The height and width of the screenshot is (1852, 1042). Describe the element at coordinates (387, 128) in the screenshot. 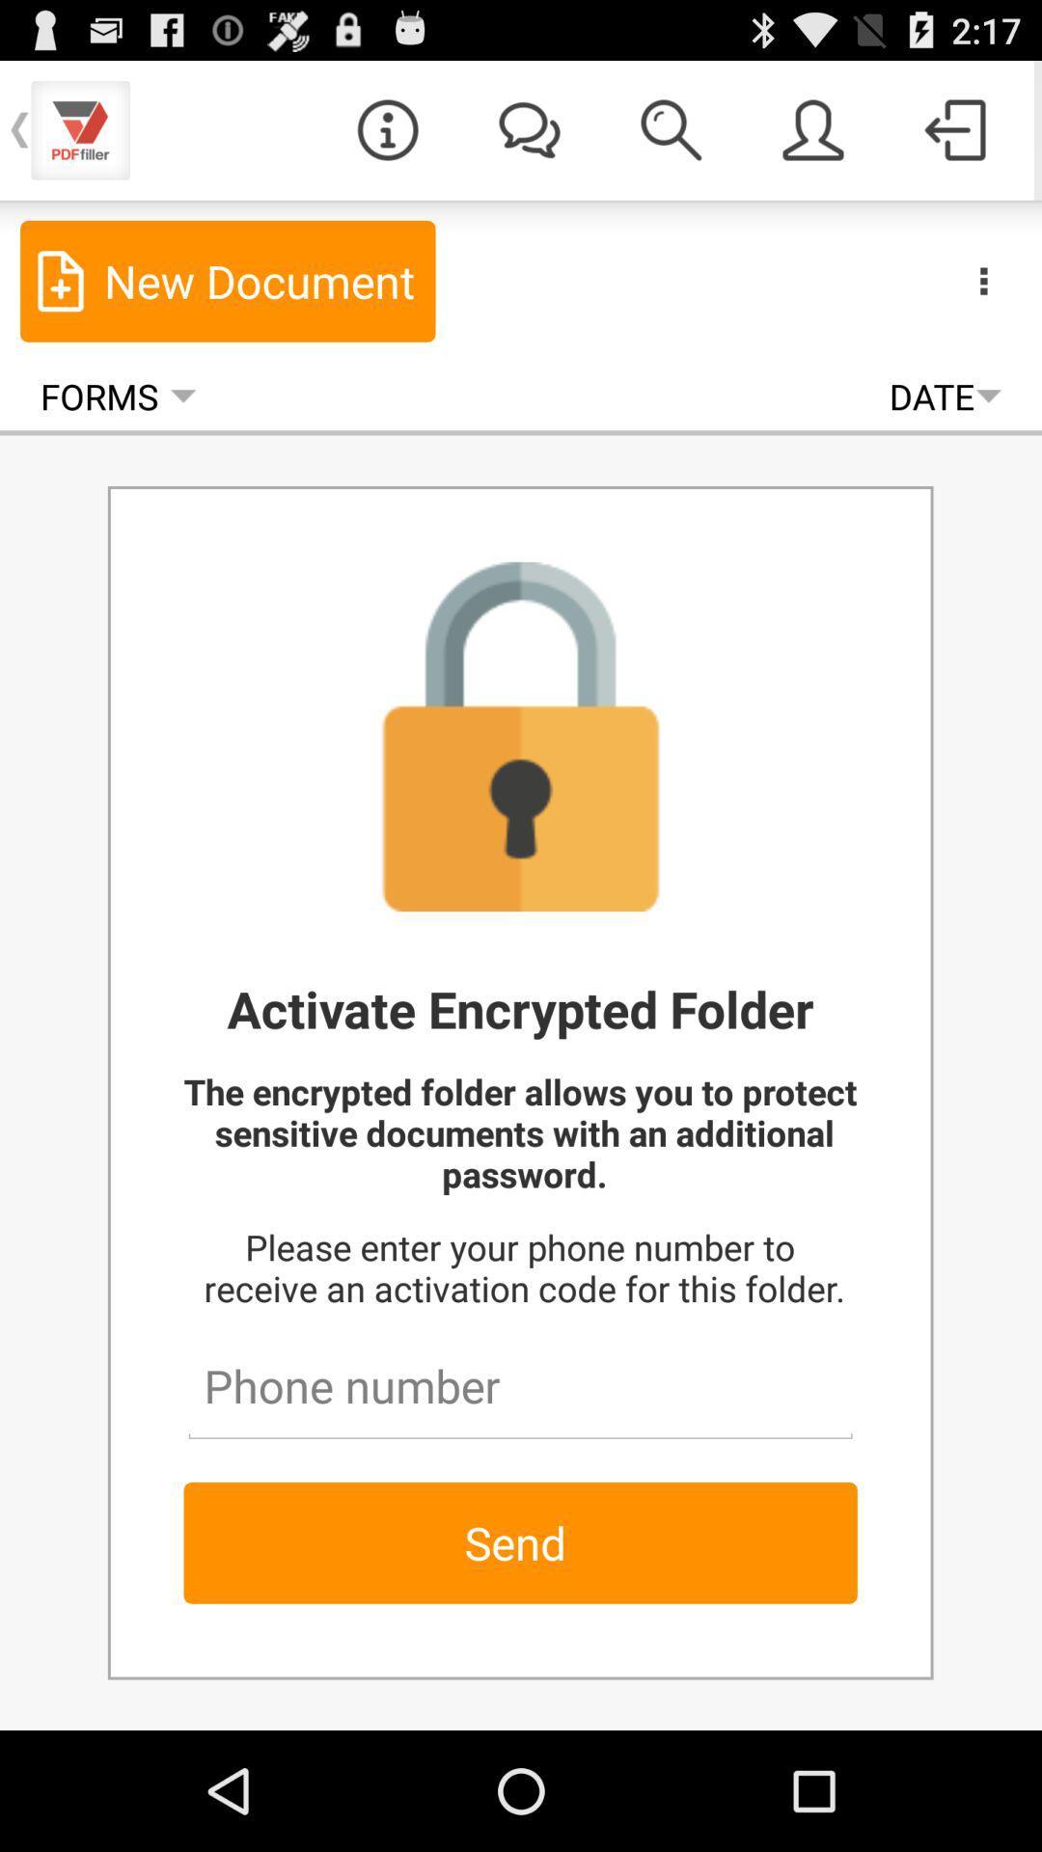

I see `item above the new document button` at that location.